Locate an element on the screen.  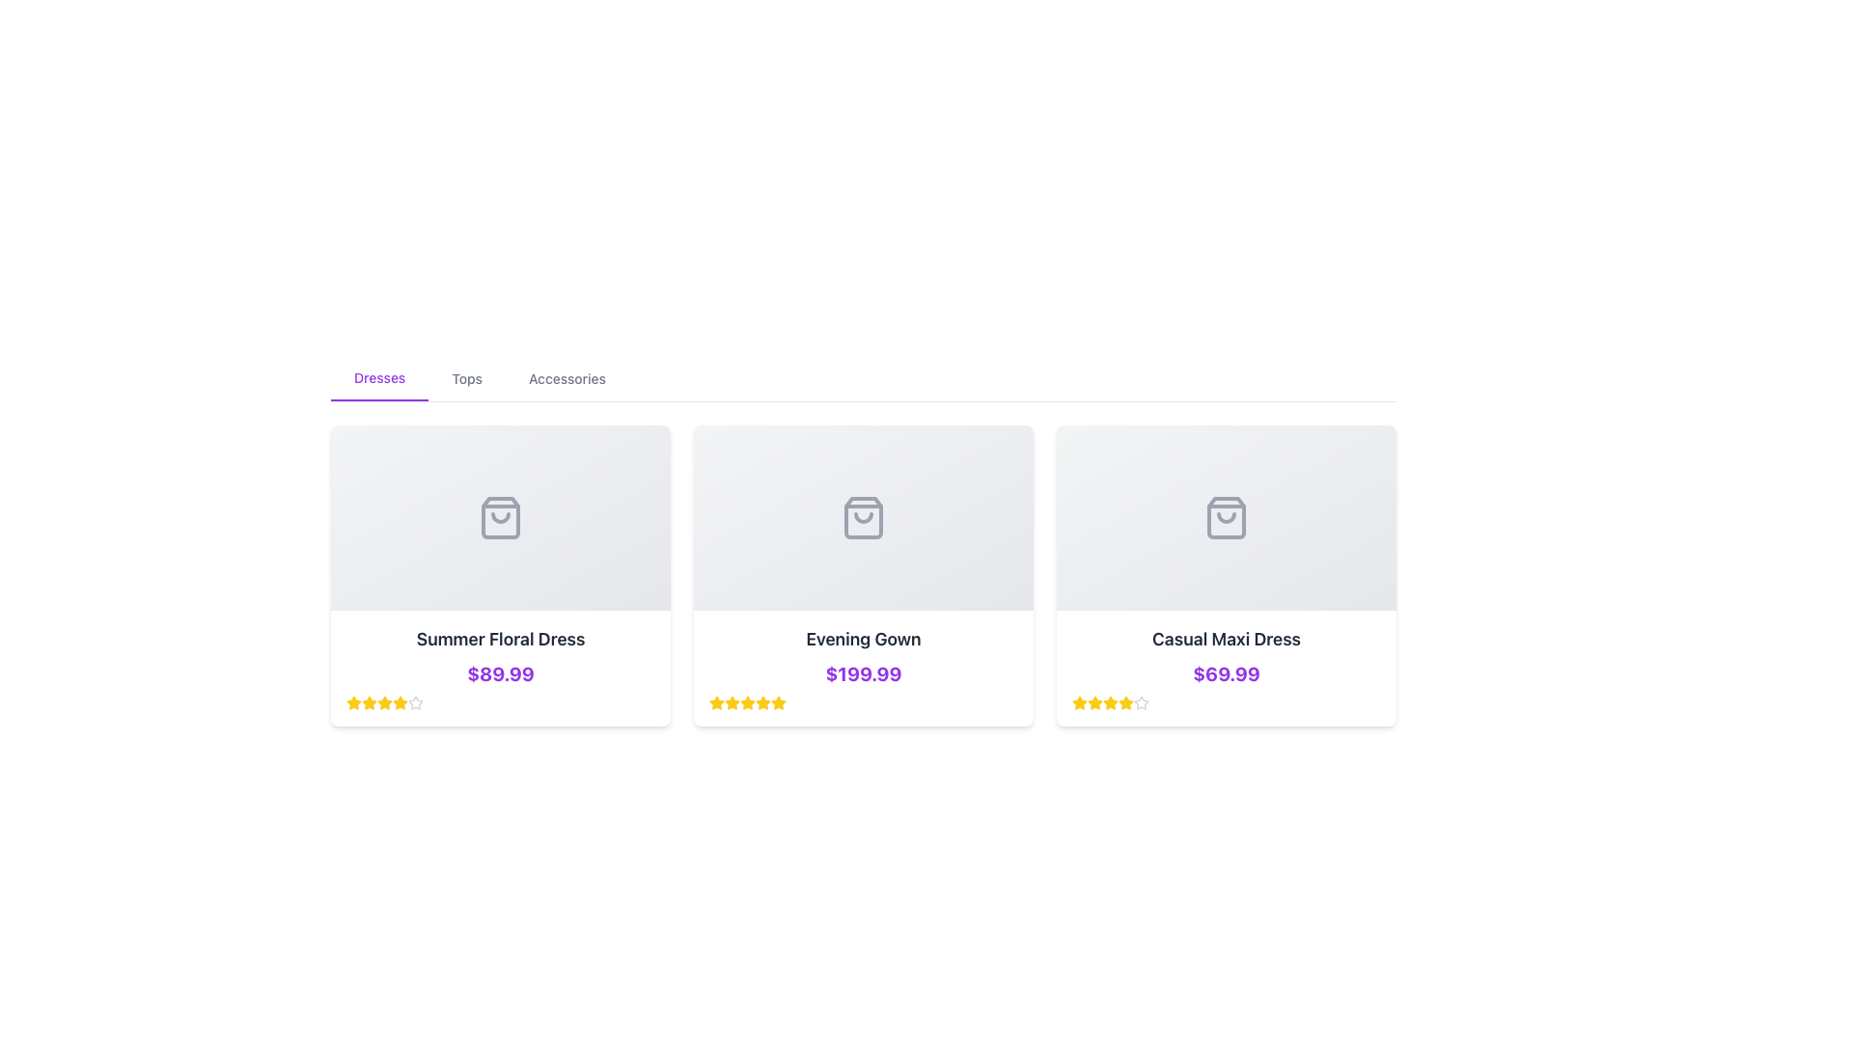
the circular button with a heart-shaped outline in the popover overlay at the top-right section of the third card to mark the item as favorite is located at coordinates (1200, 575).